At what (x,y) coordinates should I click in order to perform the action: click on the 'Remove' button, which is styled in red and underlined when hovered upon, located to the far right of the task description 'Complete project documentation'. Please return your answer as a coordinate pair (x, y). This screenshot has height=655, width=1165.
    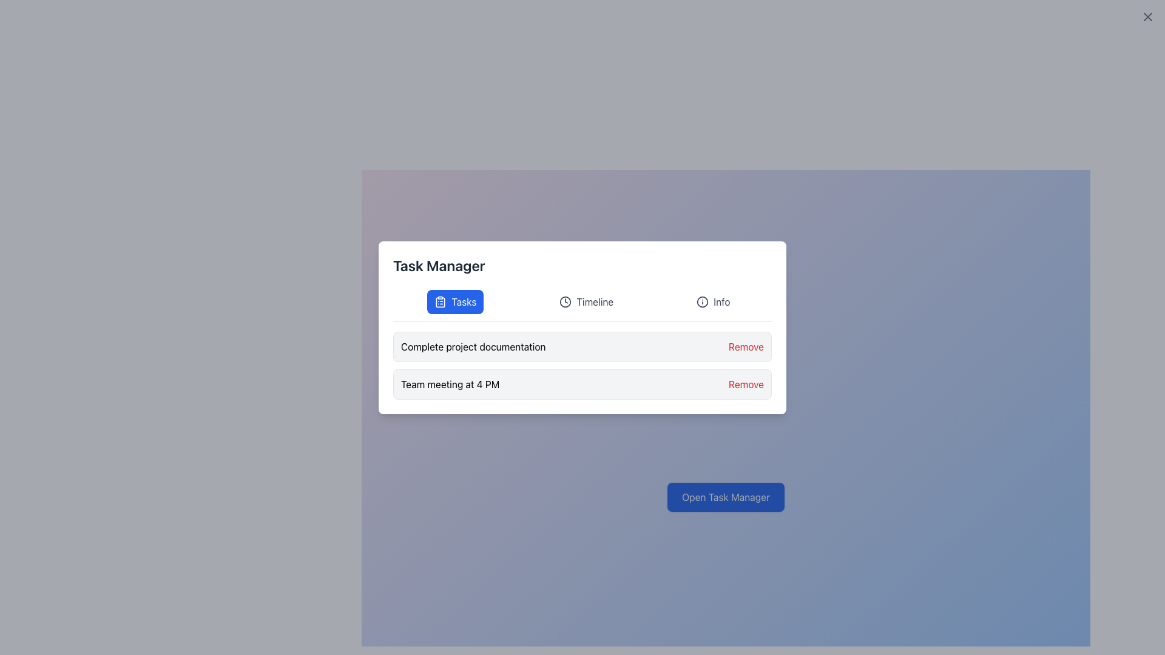
    Looking at the image, I should click on (745, 346).